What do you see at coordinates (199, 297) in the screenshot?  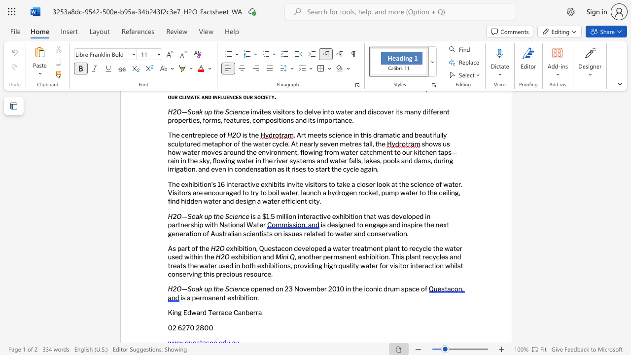 I see `the subset text "rma" within the text "is a permanent exhibition."` at bounding box center [199, 297].